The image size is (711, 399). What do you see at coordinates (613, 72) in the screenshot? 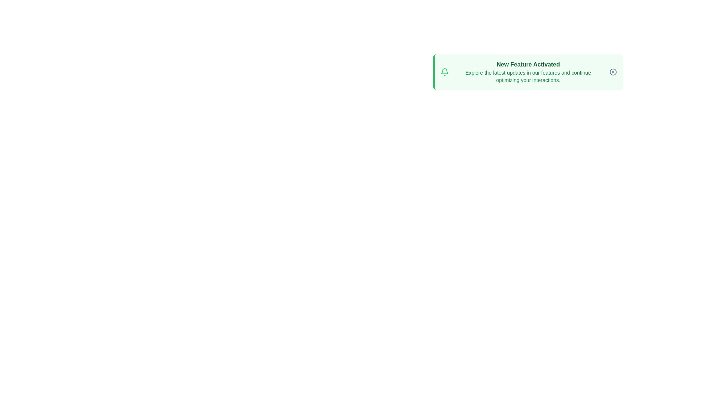
I see `the circular button with an outlined 'X' inside it, located at the upper-right corner of the notification card that says 'New Feature Activated'` at bounding box center [613, 72].